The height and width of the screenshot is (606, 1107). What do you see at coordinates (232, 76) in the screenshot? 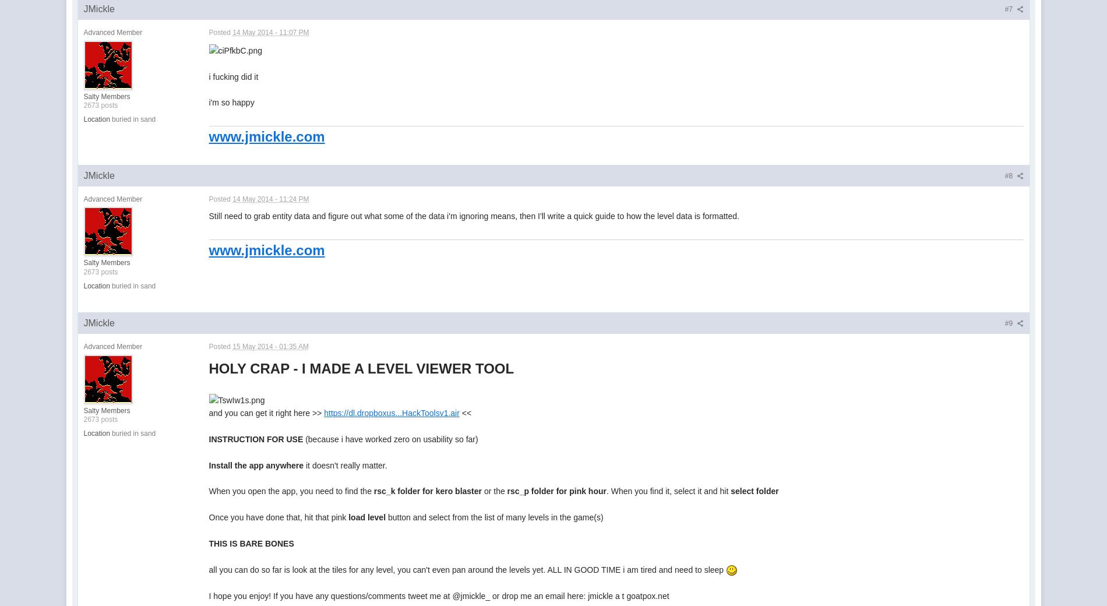
I see `'i fucking did it'` at bounding box center [232, 76].